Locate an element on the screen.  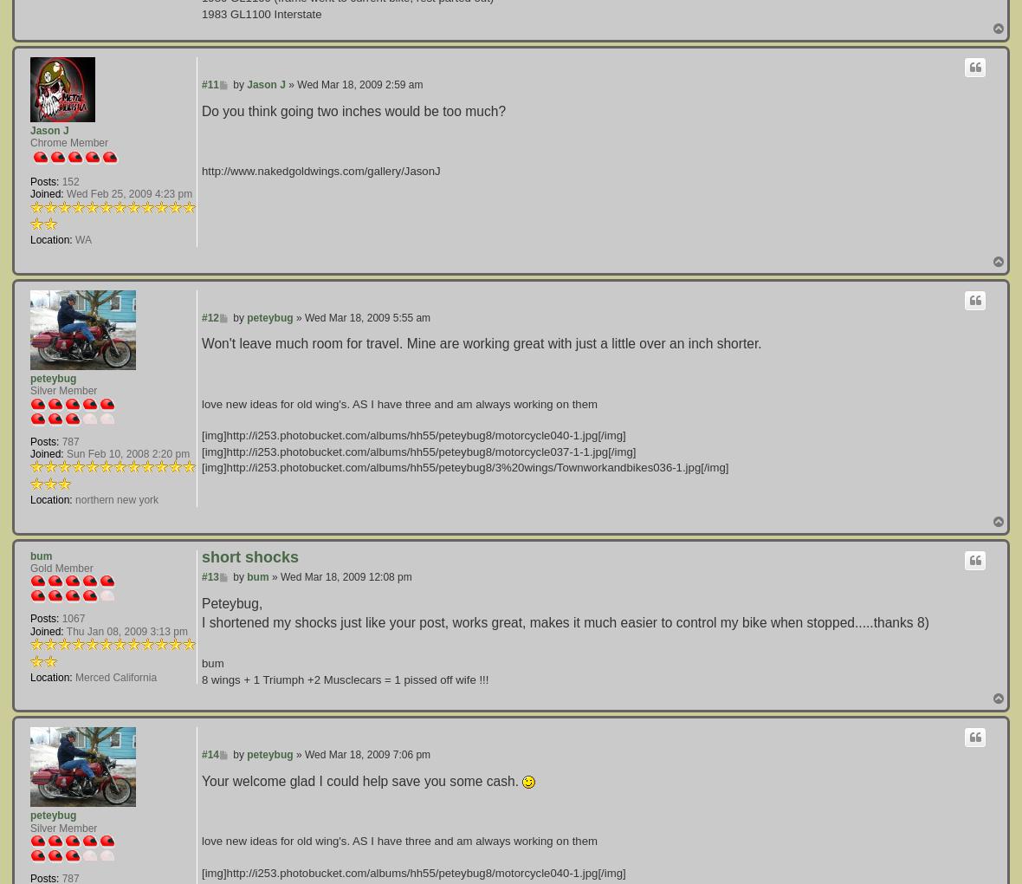
'[img]http://i253.photobucket.com/albums/hh55/peteybug8/motorcycle040-1.jpg[/img][img]http://i253.photobucket.com/albums/hh55/peteybug8/motorcycle037-1-1.jpg[/img][img]http://i253.photobucket.com/albums/hh55/peteybug8/3%20wings/Townworkandbikes036-1.jpg[/img]' is located at coordinates (465, 451).